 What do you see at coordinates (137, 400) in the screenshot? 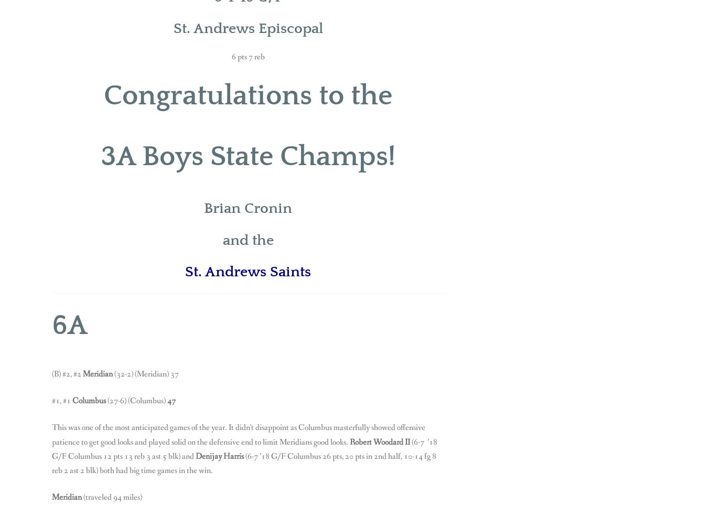
I see `'(27-6) (Columbus)'` at bounding box center [137, 400].